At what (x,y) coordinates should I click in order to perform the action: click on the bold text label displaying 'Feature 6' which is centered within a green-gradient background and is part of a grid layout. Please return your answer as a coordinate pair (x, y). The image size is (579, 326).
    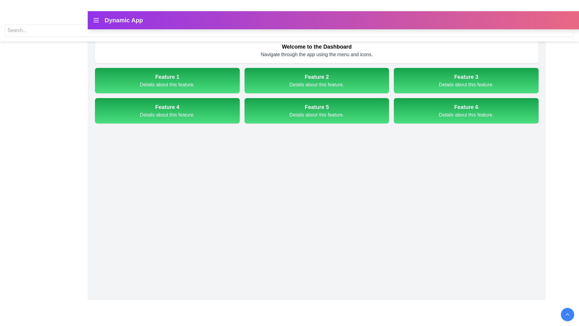
    Looking at the image, I should click on (466, 107).